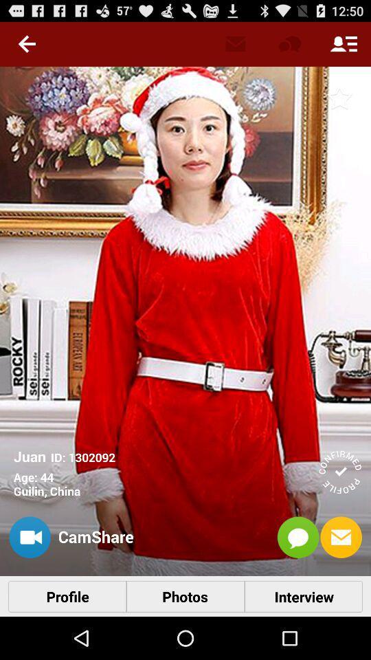  Describe the element at coordinates (339, 103) in the screenshot. I see `the star icon` at that location.